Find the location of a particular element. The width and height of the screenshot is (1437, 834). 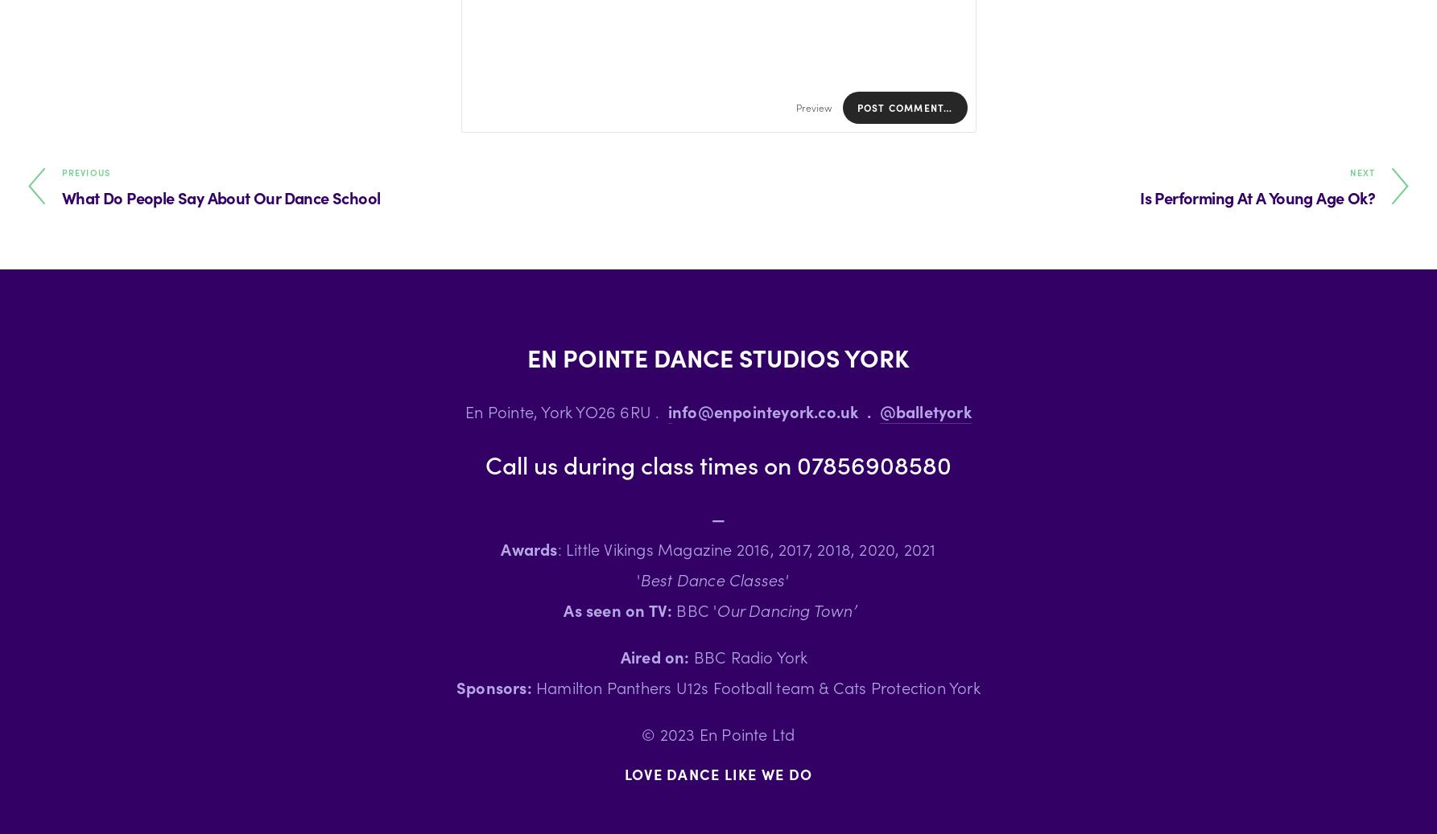

'Sponsors:' is located at coordinates (496, 686).